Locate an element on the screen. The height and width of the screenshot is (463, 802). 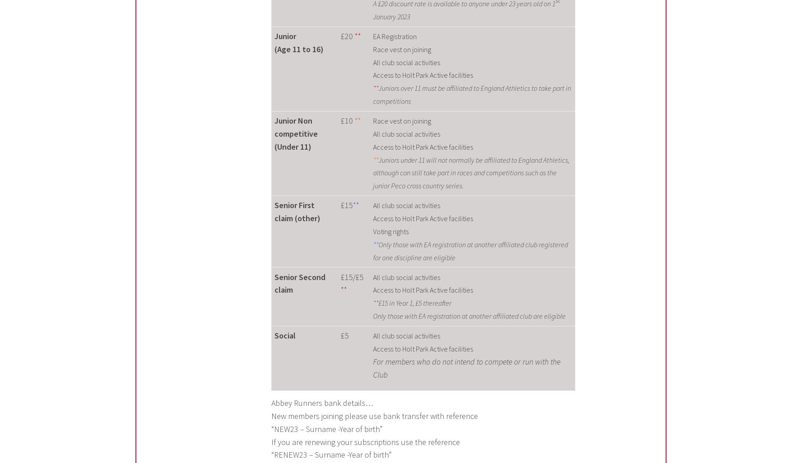
'Social' is located at coordinates (284, 335).